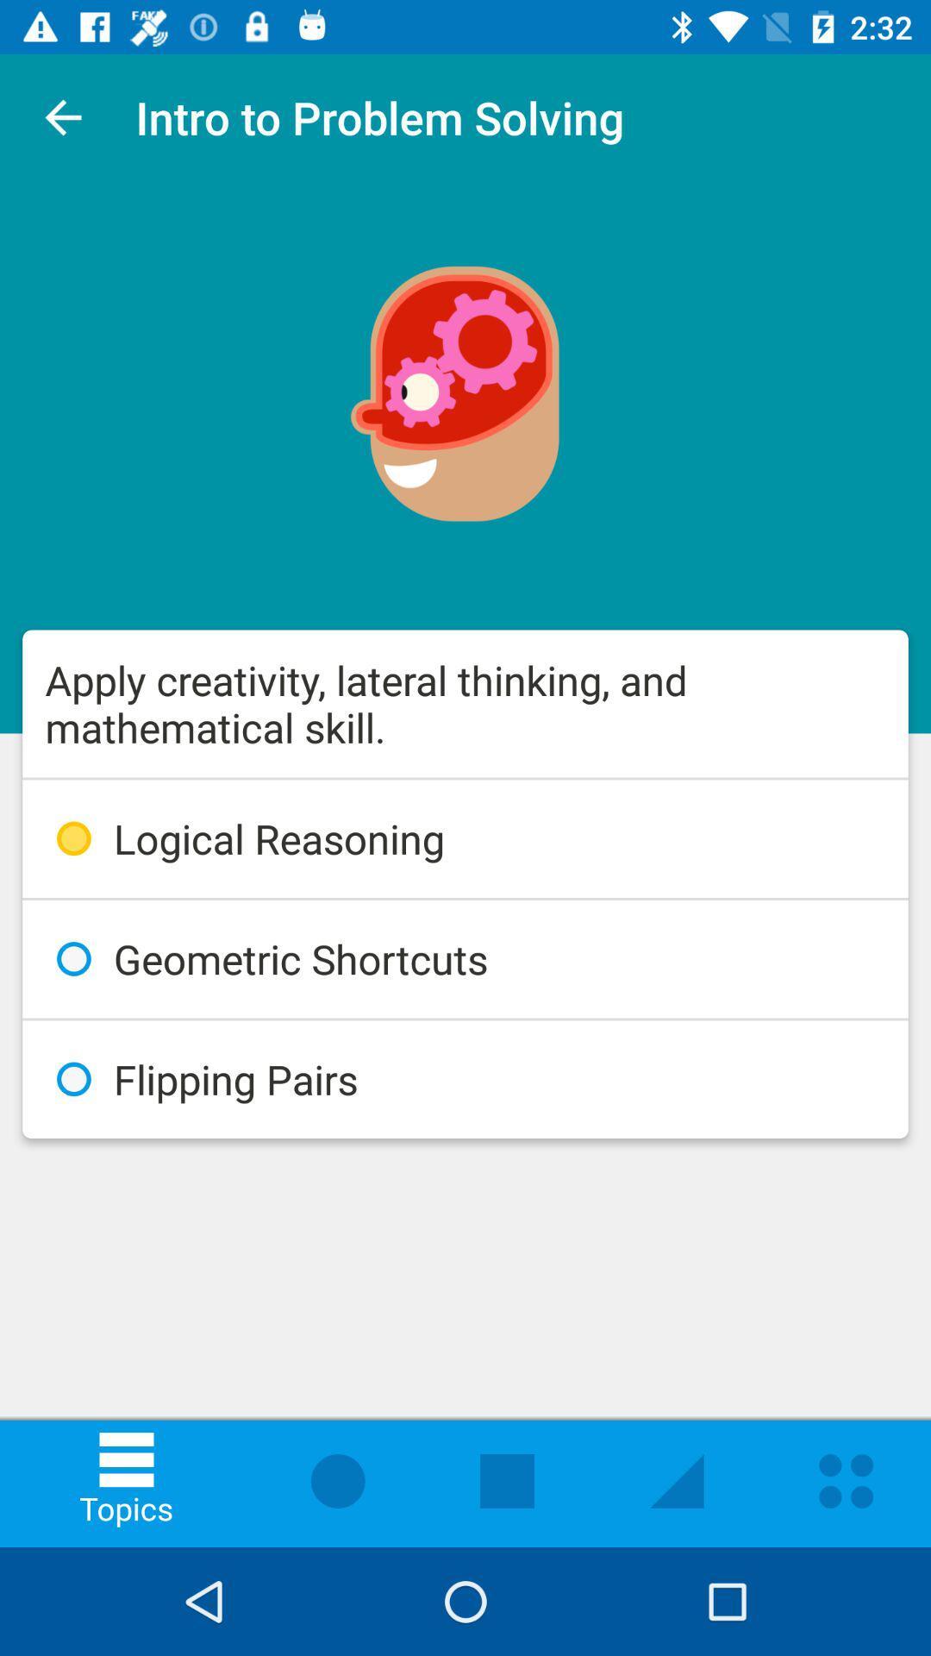 Image resolution: width=931 pixels, height=1656 pixels. What do you see at coordinates (465, 1078) in the screenshot?
I see `flipping pairs icon` at bounding box center [465, 1078].